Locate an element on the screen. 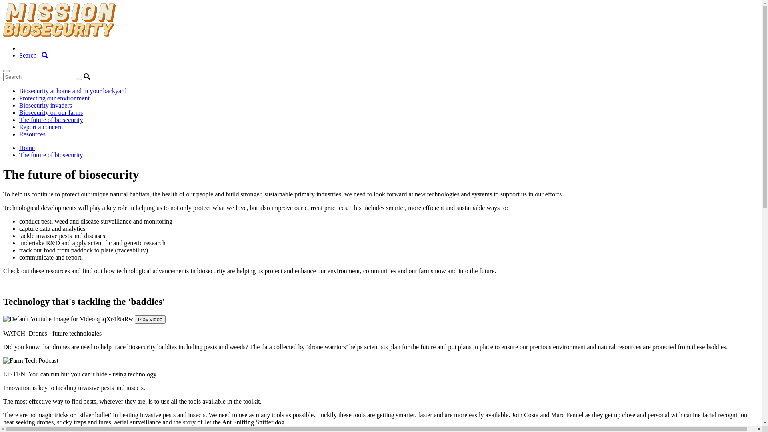 The image size is (768, 432). 'Biosecurity at home and in your backyard' is located at coordinates (73, 90).